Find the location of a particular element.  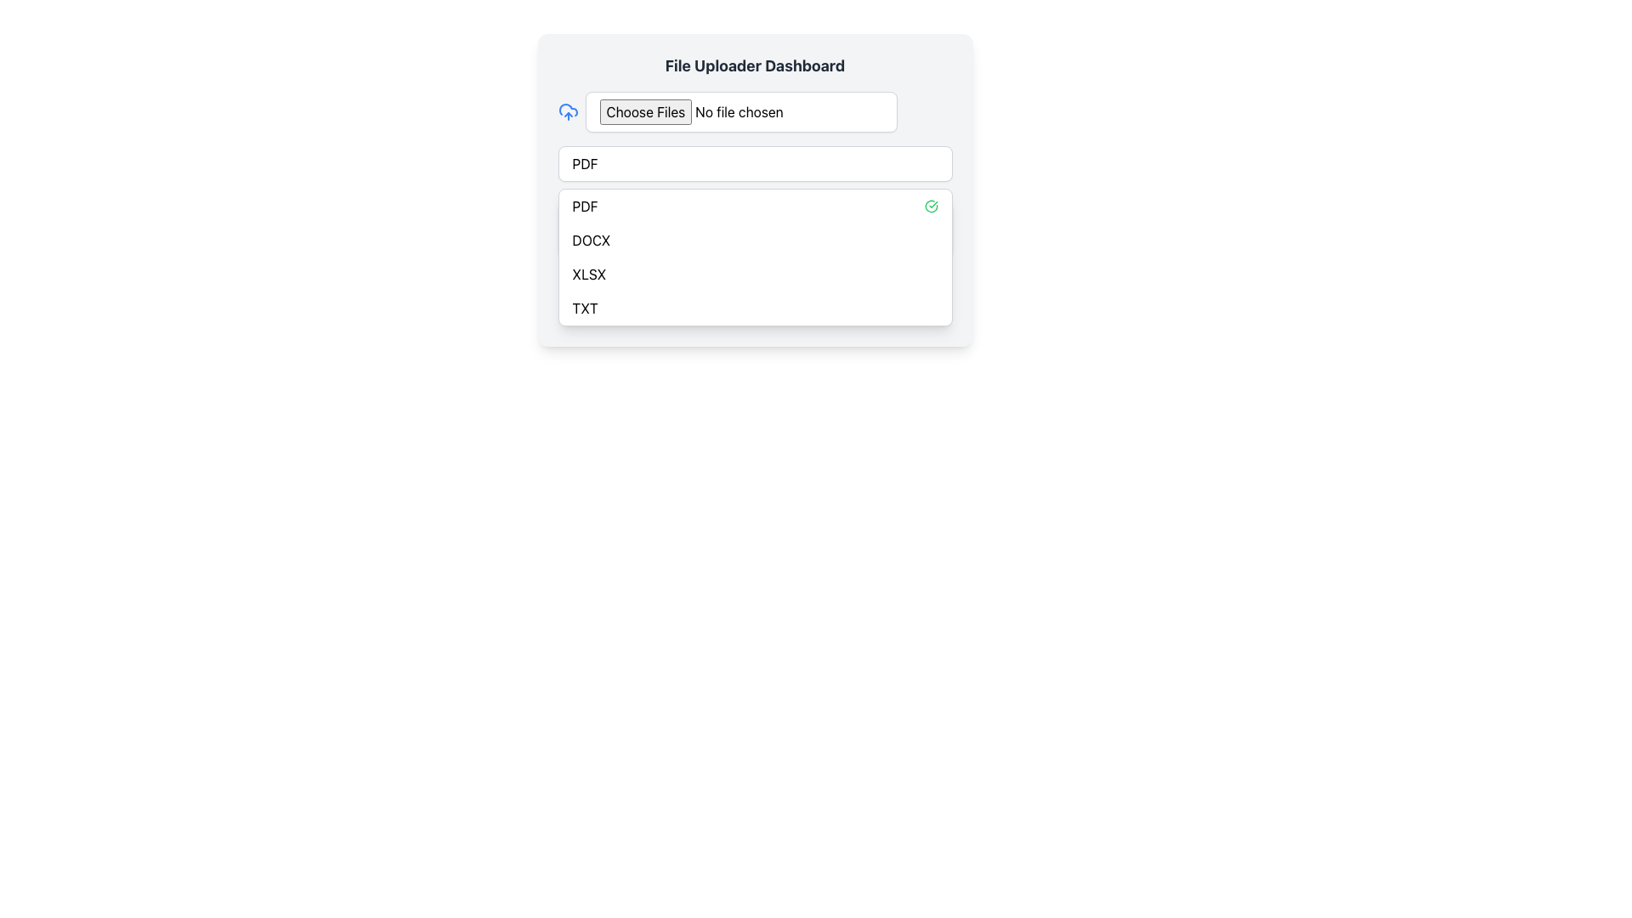

the File Upload Input located to the right of the cloud upload icon is located at coordinates (741, 111).